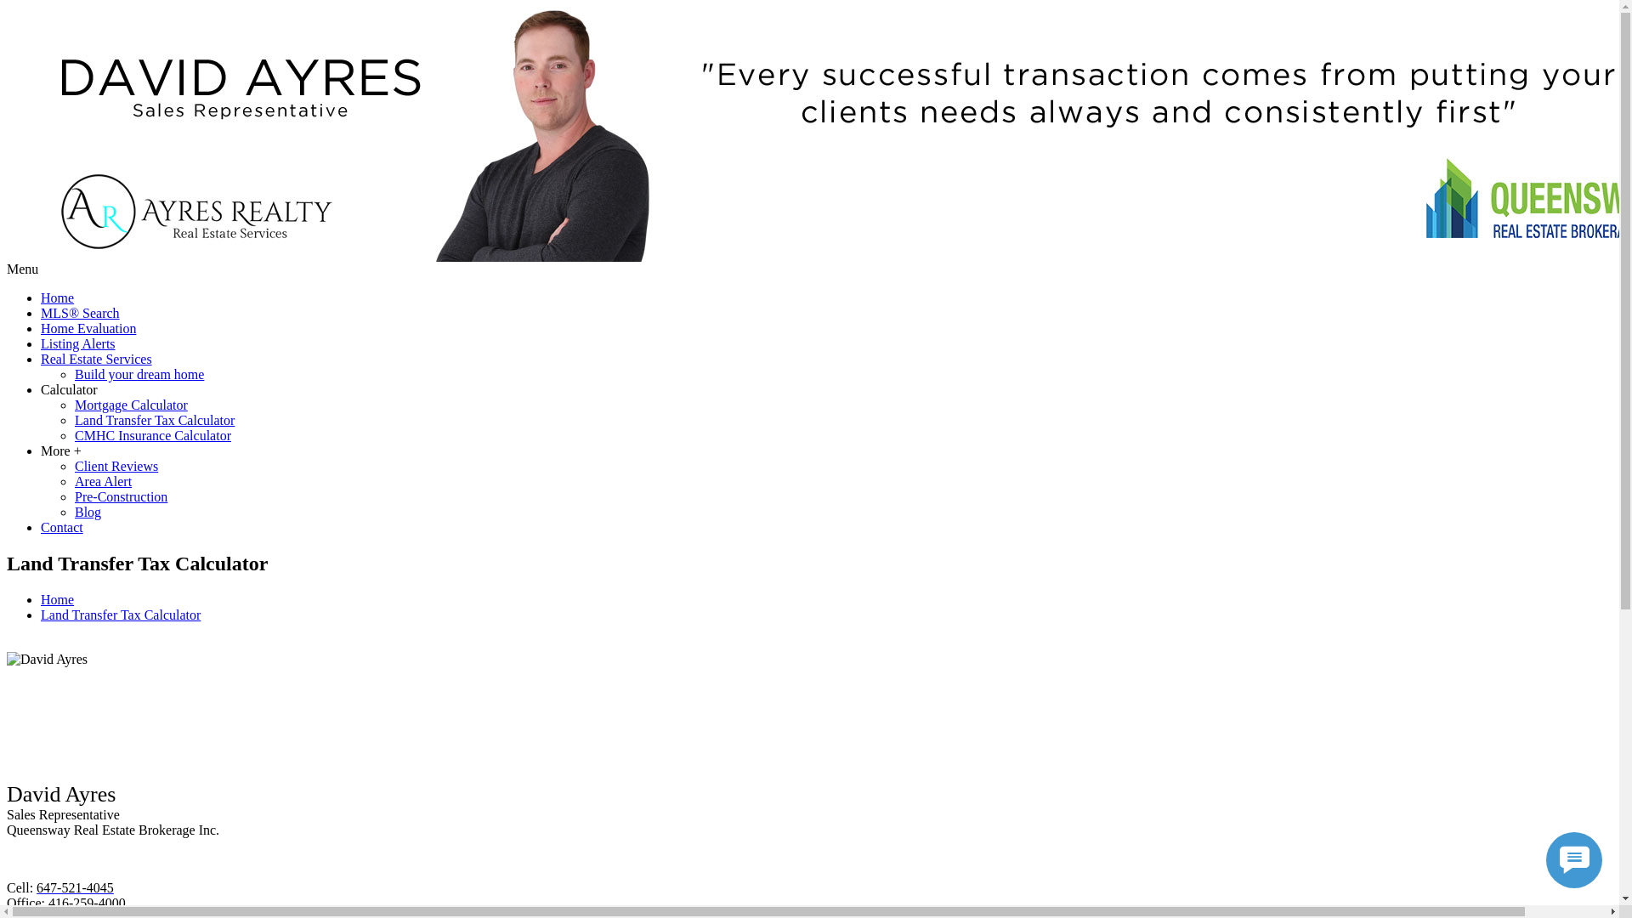  Describe the element at coordinates (48, 902) in the screenshot. I see `'416-259-4000'` at that location.